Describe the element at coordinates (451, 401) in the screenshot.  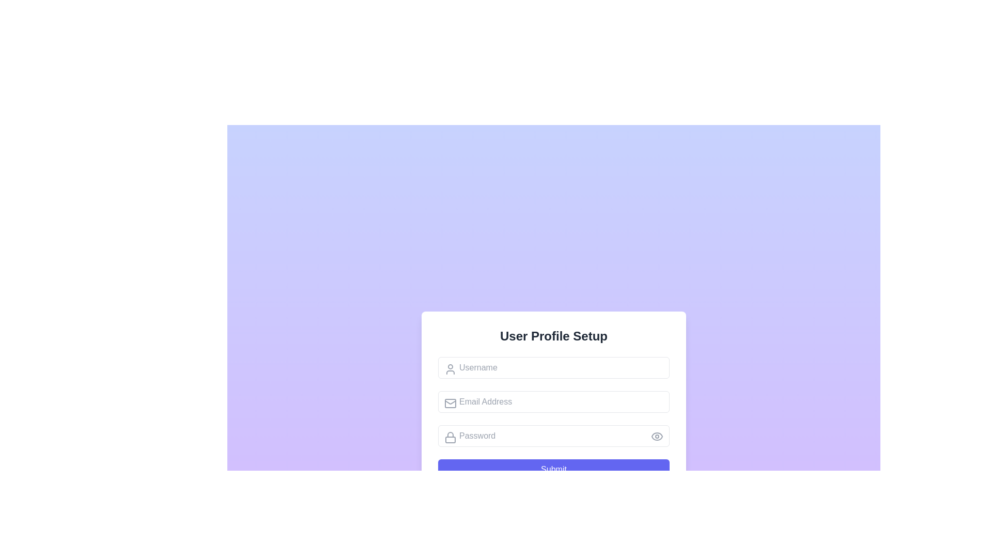
I see `the top flap of the envelope icon, which is part of an SVG and indicates email or messaging functionality` at that location.